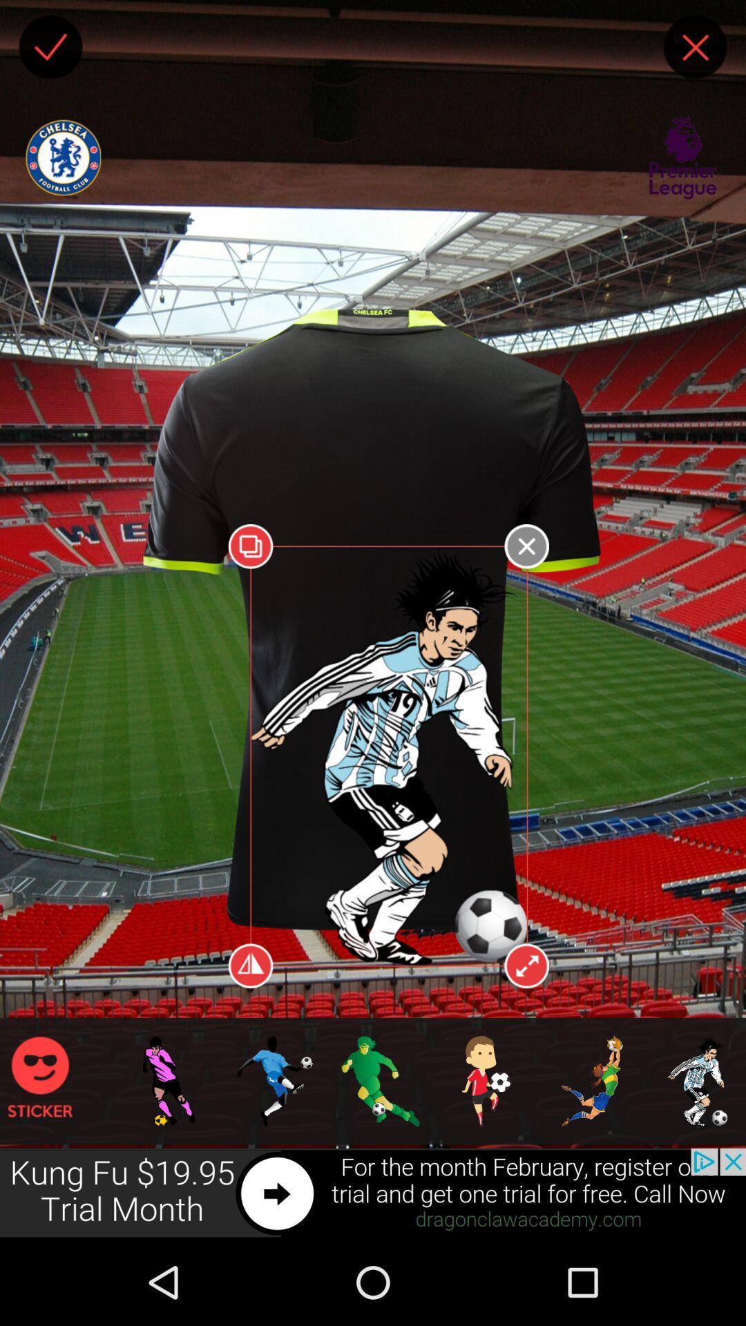 The image size is (746, 1326). What do you see at coordinates (623, 1099) in the screenshot?
I see `selected drill` at bounding box center [623, 1099].